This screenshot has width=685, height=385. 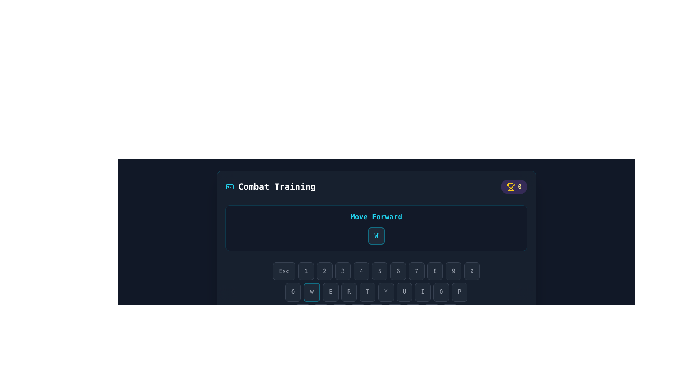 I want to click on the virtual 'N' key positioned between the 'B' and 'M' keys in the keyboard layout, located towards the center-bottom of the interface, so click(x=407, y=334).